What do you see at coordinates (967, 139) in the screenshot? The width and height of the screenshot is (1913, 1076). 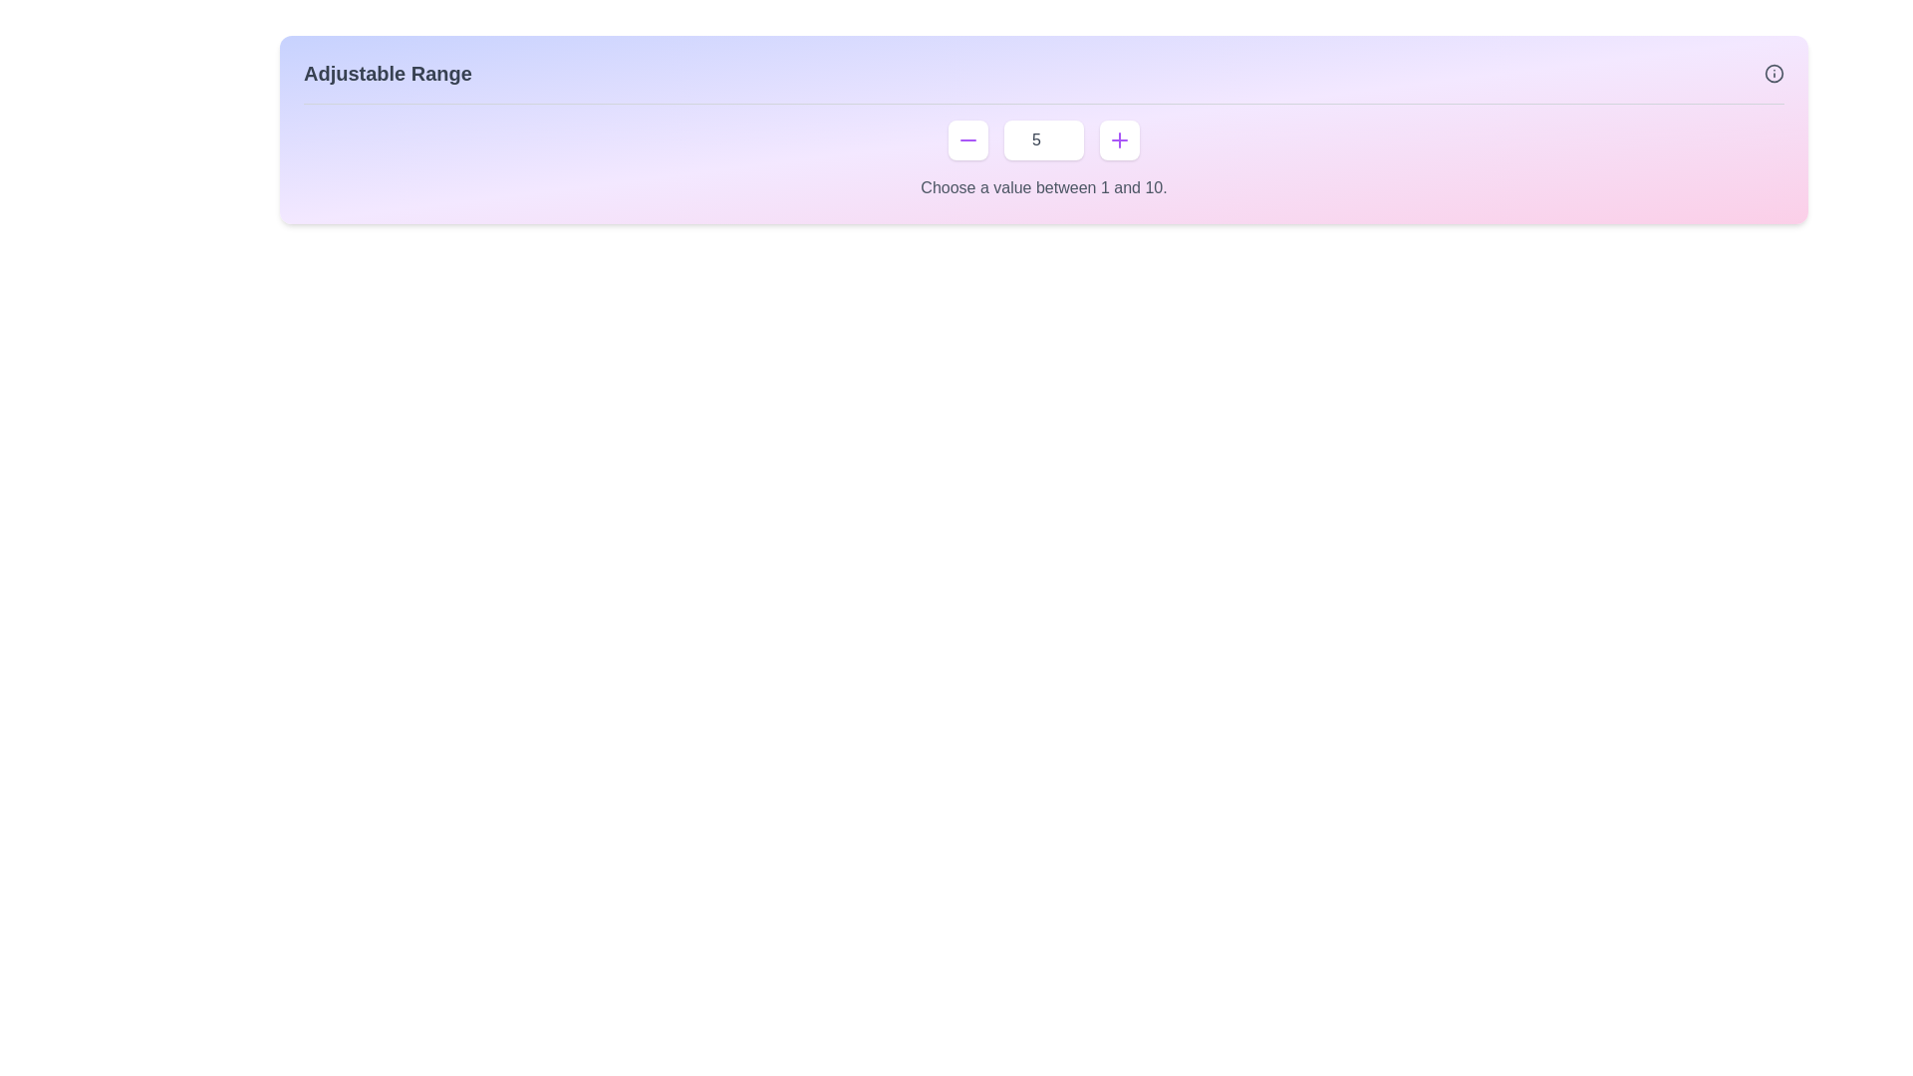 I see `the decrement button located to the left of the numeric display '5' in the range slider component to reduce the displayed value` at bounding box center [967, 139].